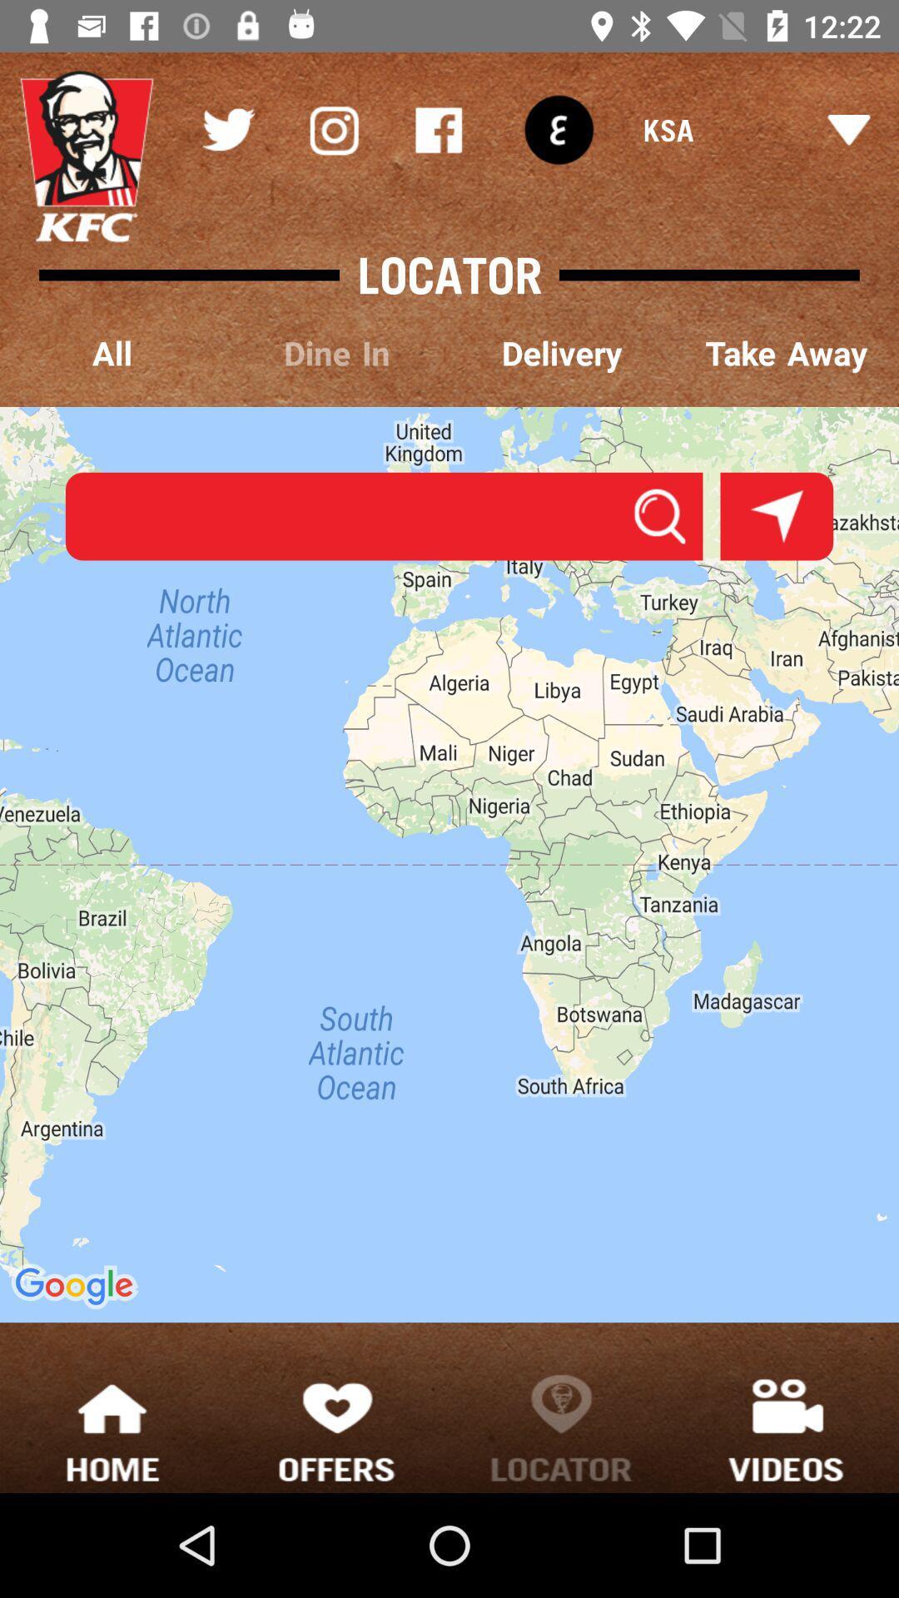 The image size is (899, 1598). I want to click on ksa, so click(757, 129).